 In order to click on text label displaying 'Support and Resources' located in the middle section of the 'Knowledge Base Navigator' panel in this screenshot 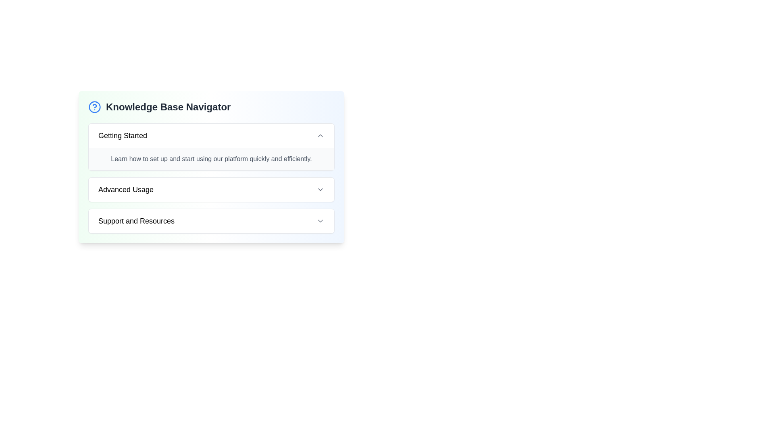, I will do `click(136, 221)`.